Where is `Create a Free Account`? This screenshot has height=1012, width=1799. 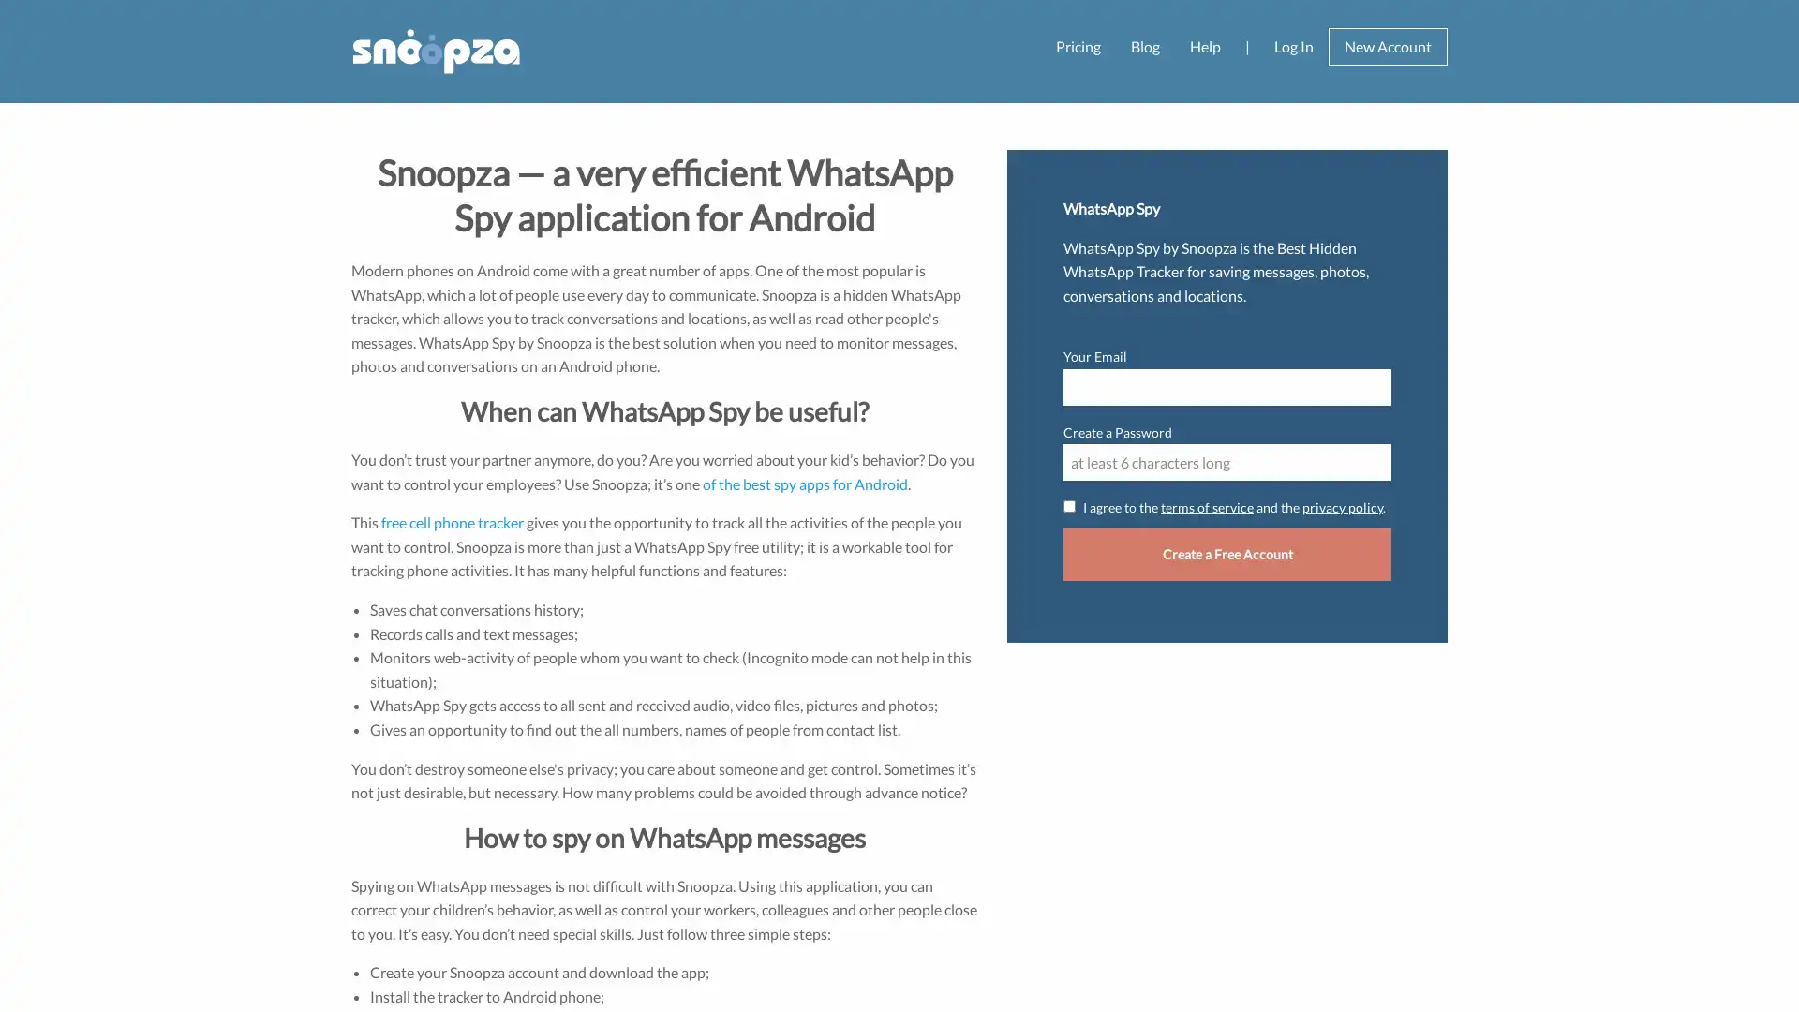 Create a Free Account is located at coordinates (1227, 553).